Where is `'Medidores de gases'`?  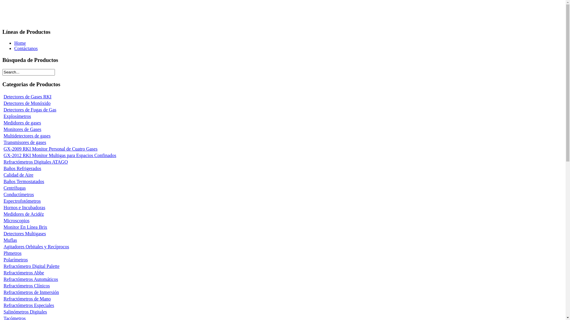
'Medidores de gases' is located at coordinates (22, 122).